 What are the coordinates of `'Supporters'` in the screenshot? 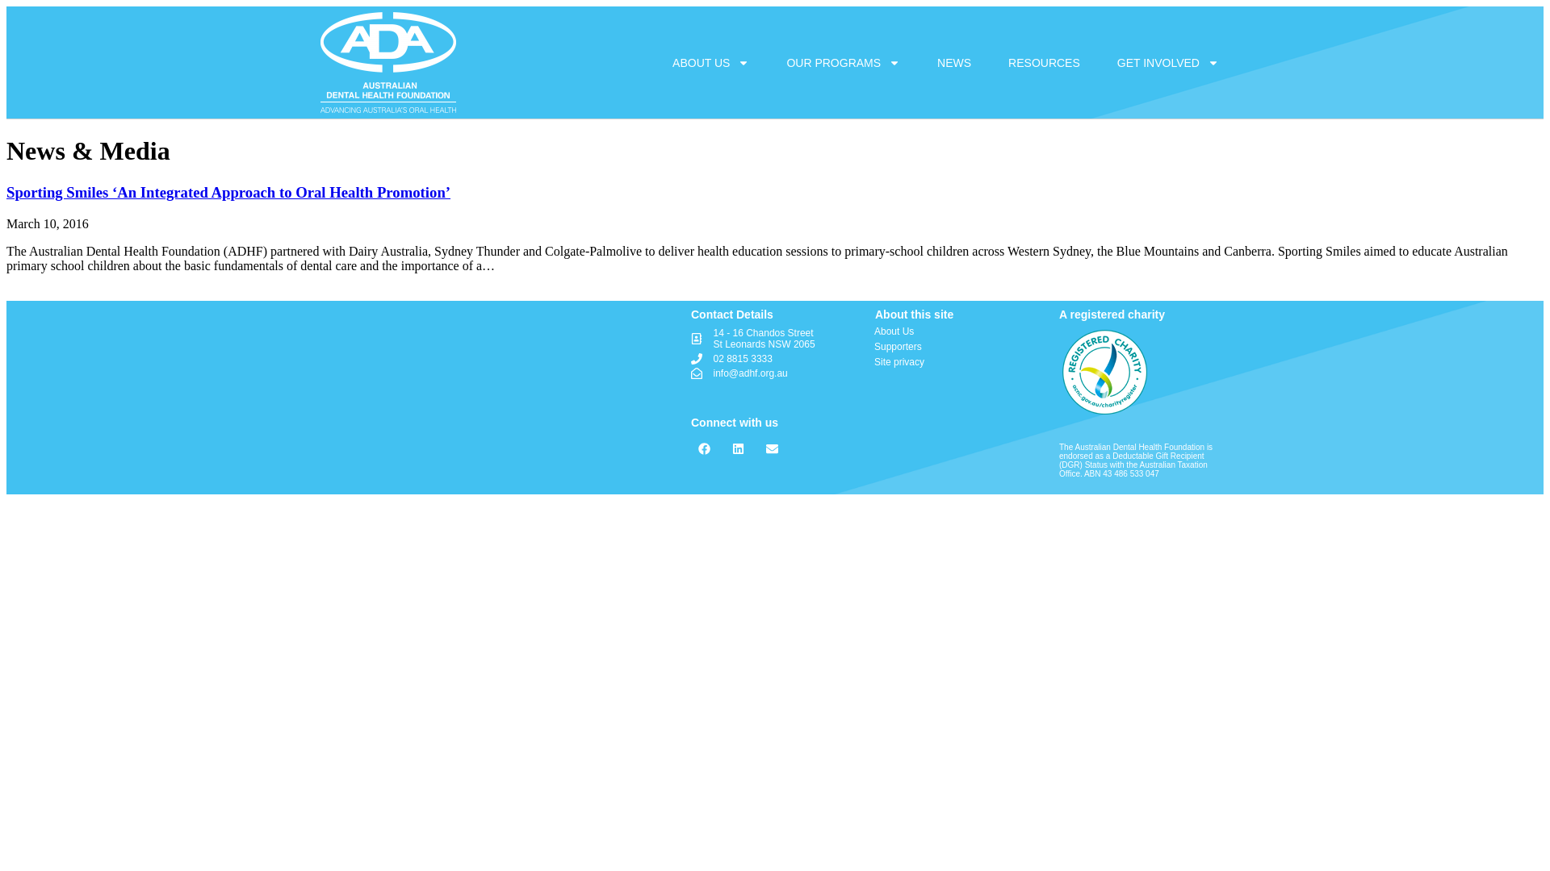 It's located at (956, 345).